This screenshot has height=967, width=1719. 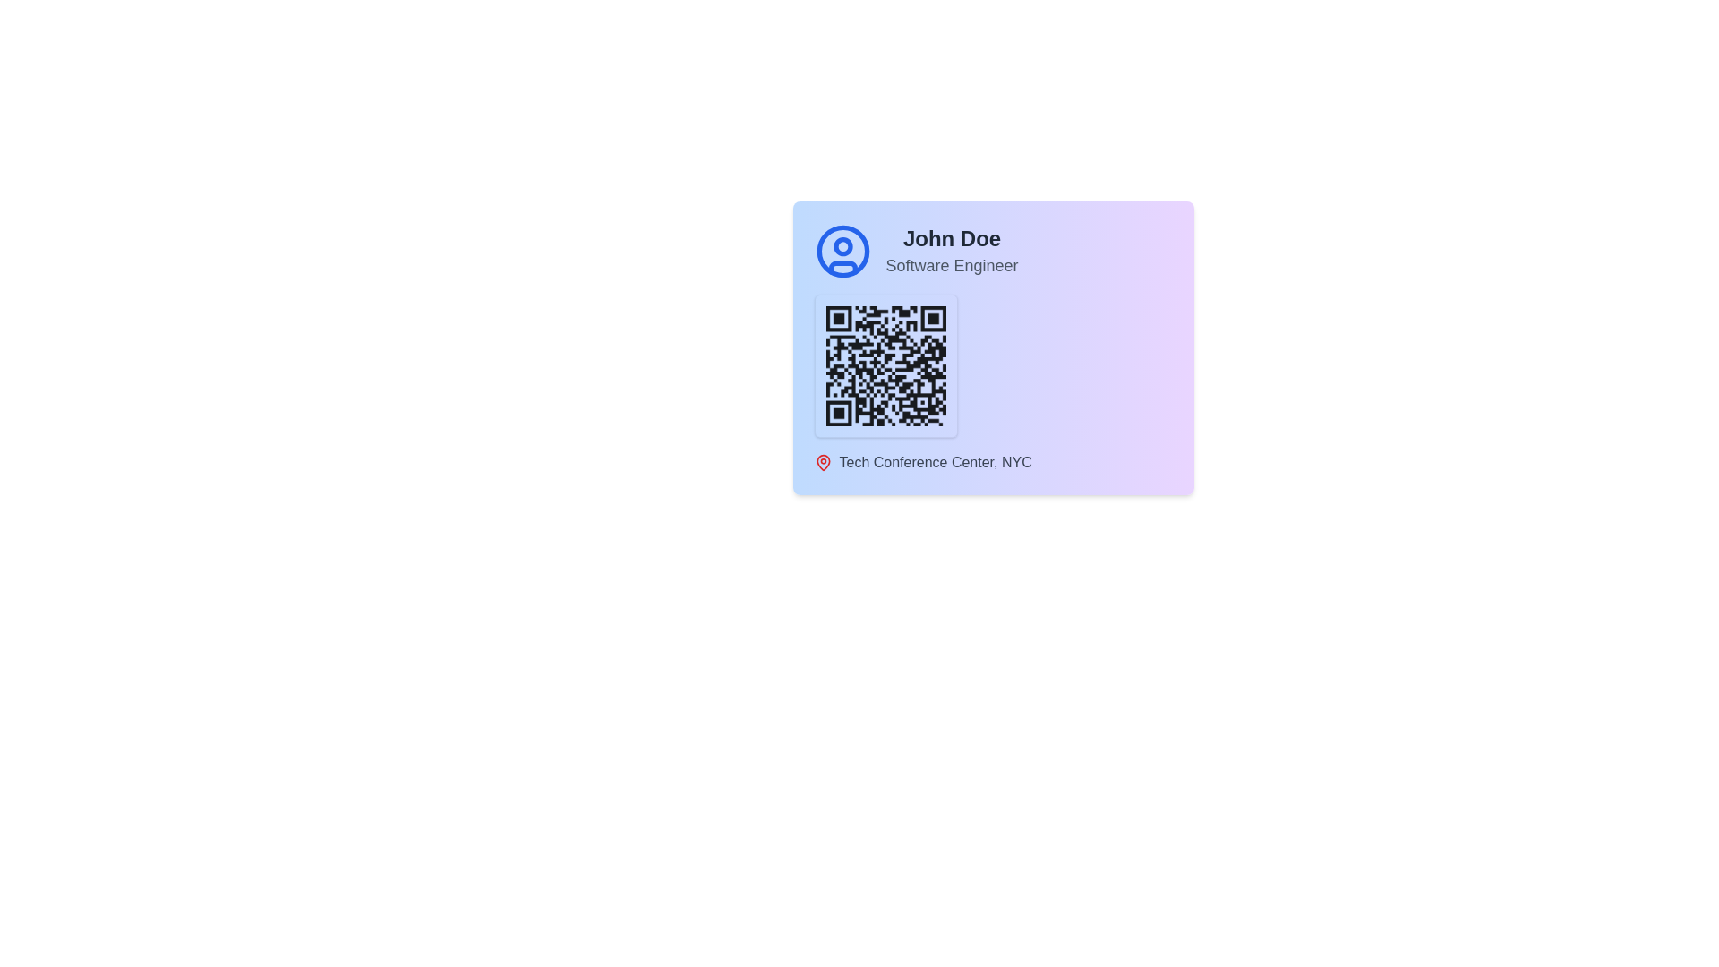 I want to click on the inner circular shape of the user profile icon, which is located in the upper-left section of the card, adjacent to the text 'John Doe, Software Engineer', so click(x=842, y=246).